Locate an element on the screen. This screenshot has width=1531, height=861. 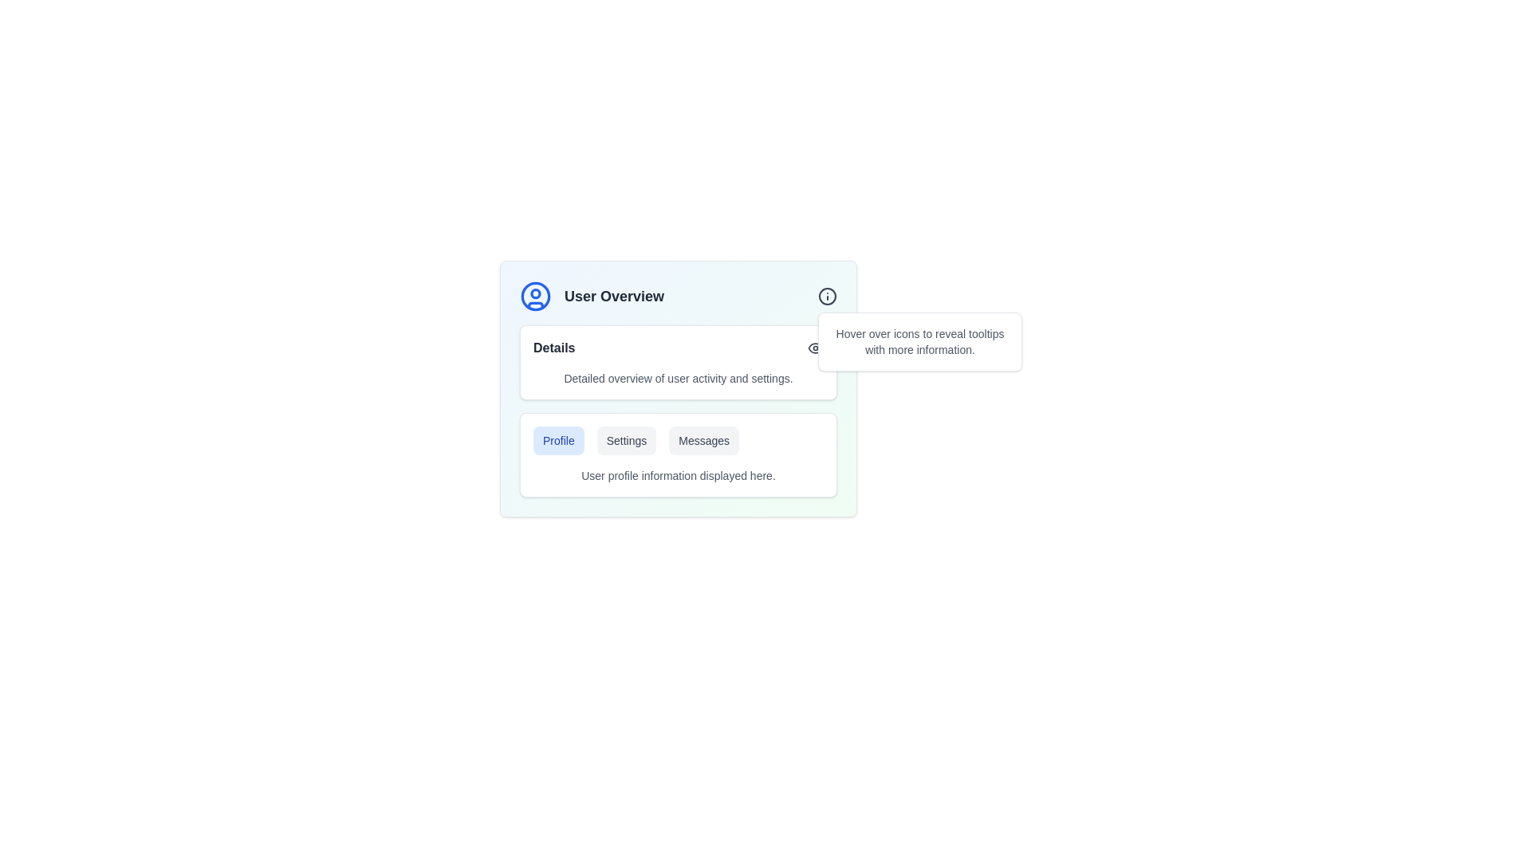
the circular information icon with an 'i' symbol in the top-right corner of the User Overview section header is located at coordinates (827, 296).